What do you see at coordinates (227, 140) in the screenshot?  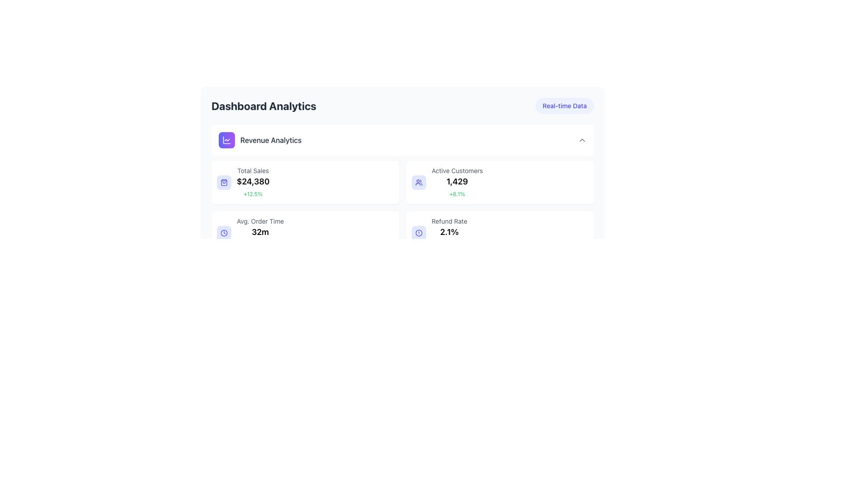 I see `the decorative vector shape within the 'Revenue Analytics' icon, which is part of a line chart in the 'Dashboard Analytics' section` at bounding box center [227, 140].